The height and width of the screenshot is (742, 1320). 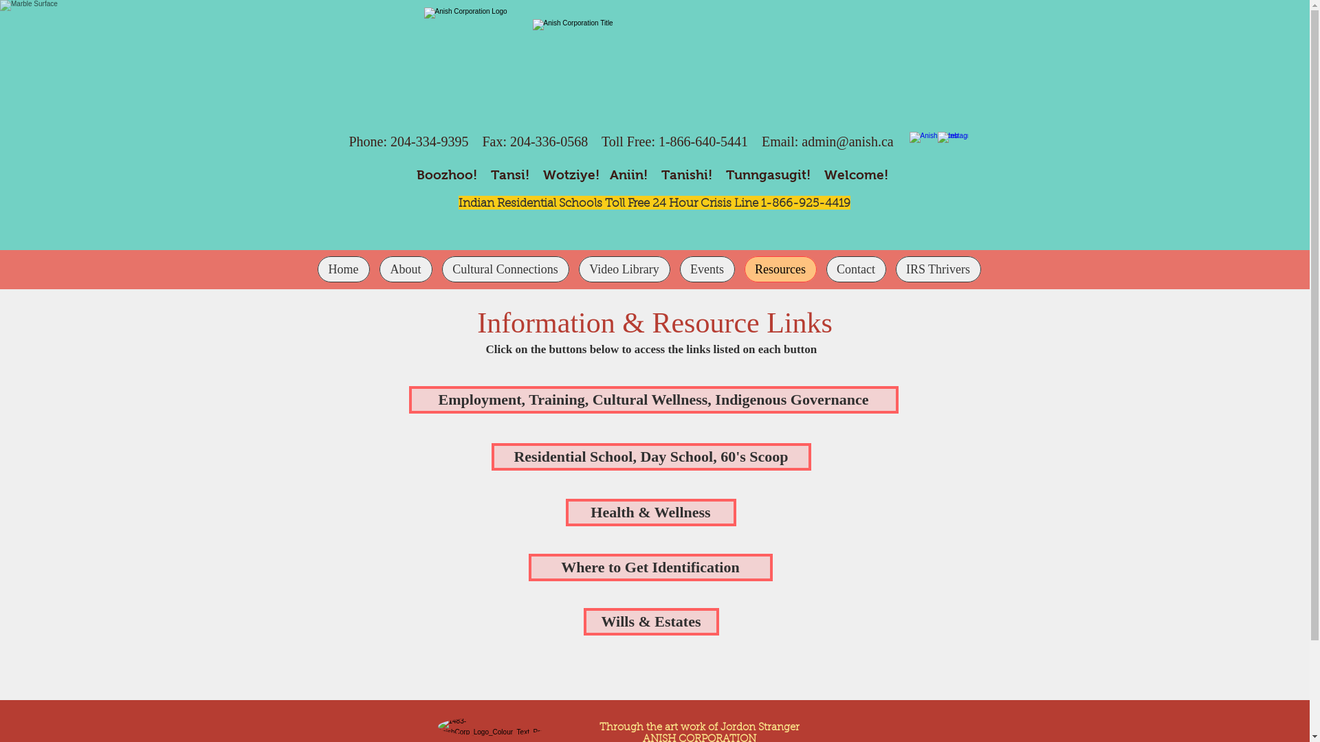 What do you see at coordinates (649, 512) in the screenshot?
I see `'Health & Wellness'` at bounding box center [649, 512].